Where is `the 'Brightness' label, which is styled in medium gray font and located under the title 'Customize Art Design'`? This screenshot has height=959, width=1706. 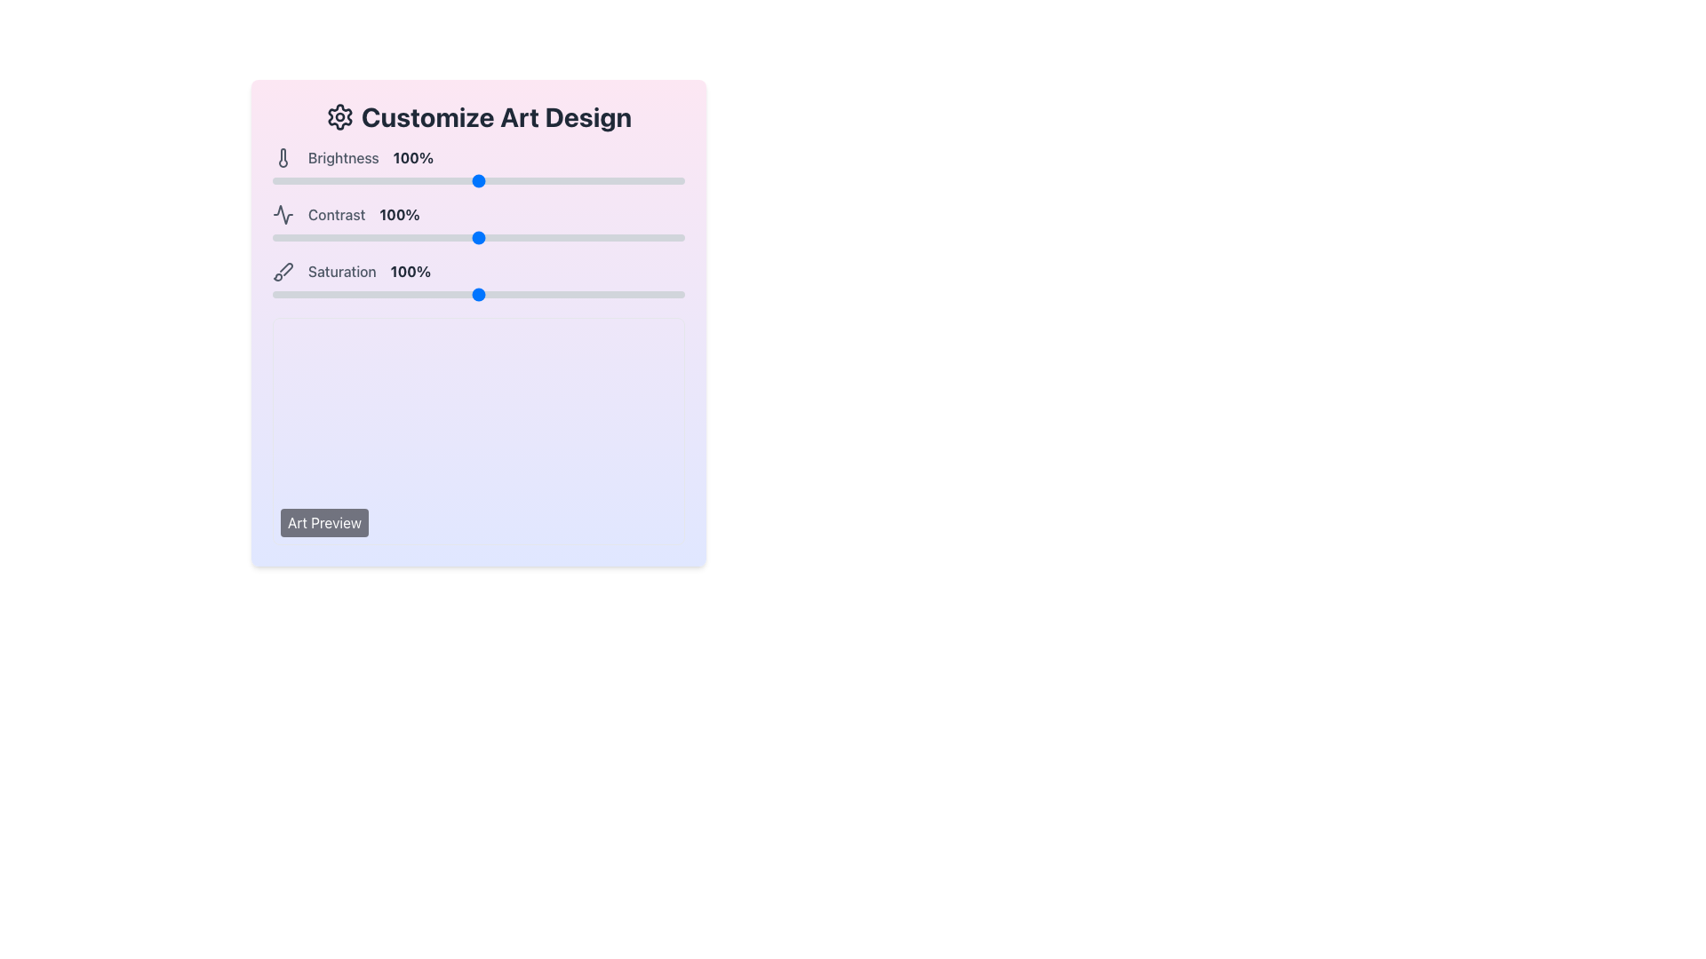
the 'Brightness' label, which is styled in medium gray font and located under the title 'Customize Art Design' is located at coordinates (343, 156).